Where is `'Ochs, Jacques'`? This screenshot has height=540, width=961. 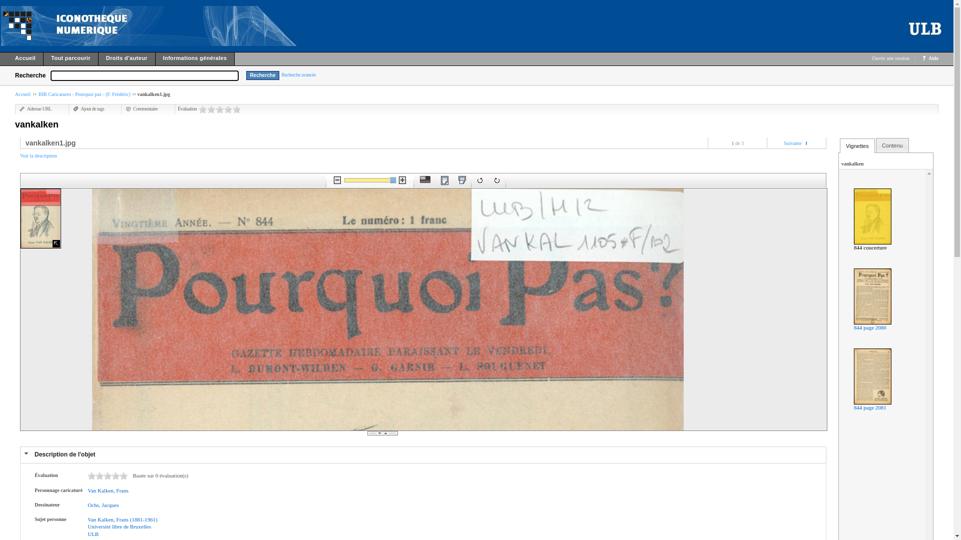 'Ochs, Jacques' is located at coordinates (103, 505).